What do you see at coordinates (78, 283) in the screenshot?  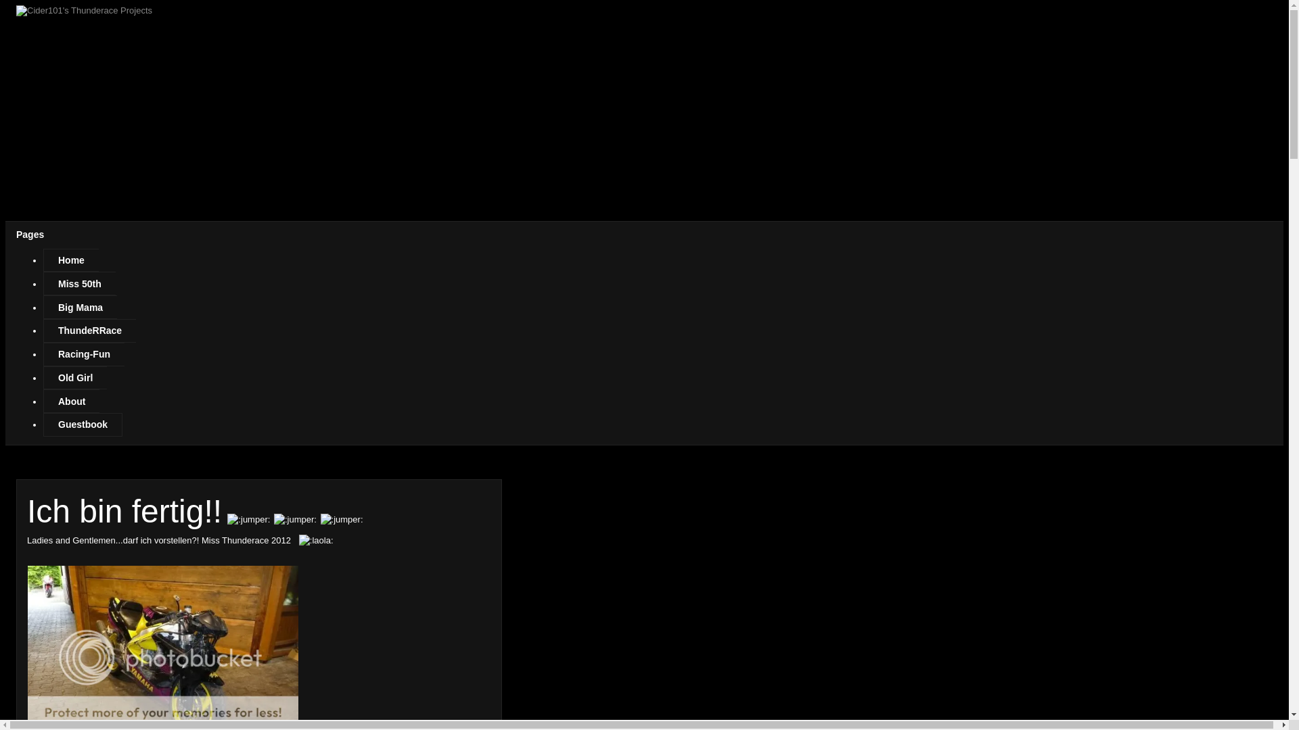 I see `'Miss 50th'` at bounding box center [78, 283].